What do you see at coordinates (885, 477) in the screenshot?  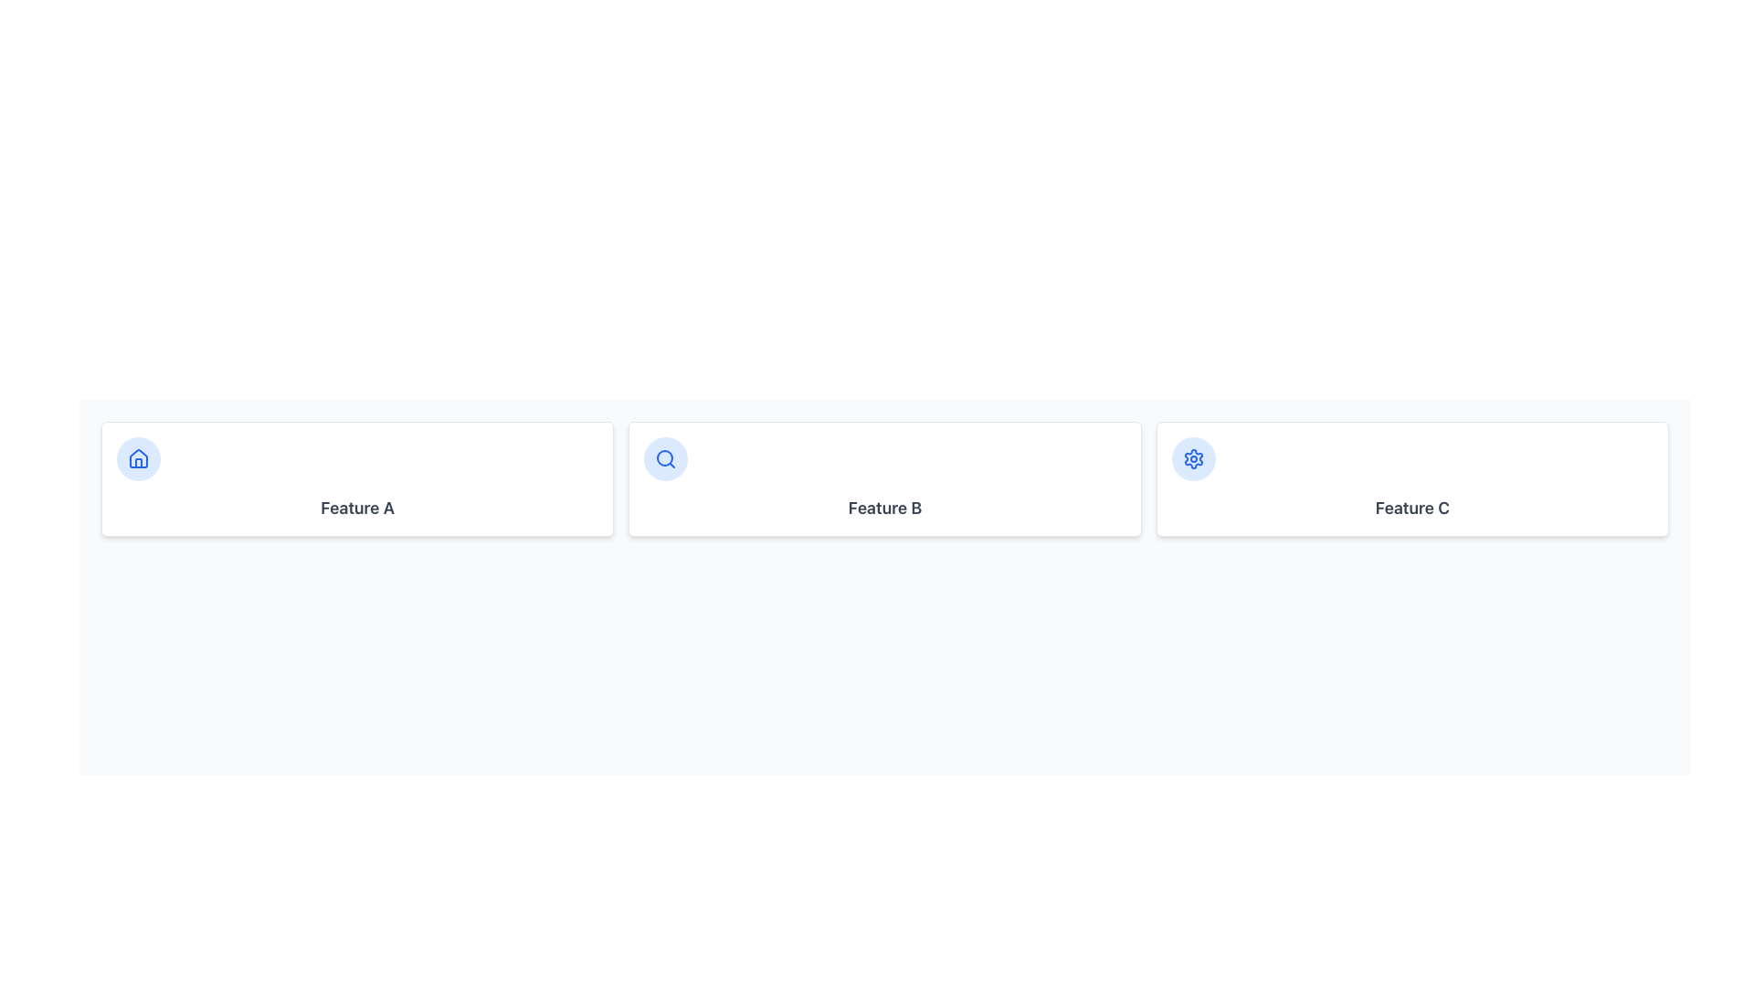 I see `the 'Feature B' card component, which is a rectangular card with a white background, gray border, and a title in bold gray font, located centrally between 'Feature A' and 'Feature C'` at bounding box center [885, 477].